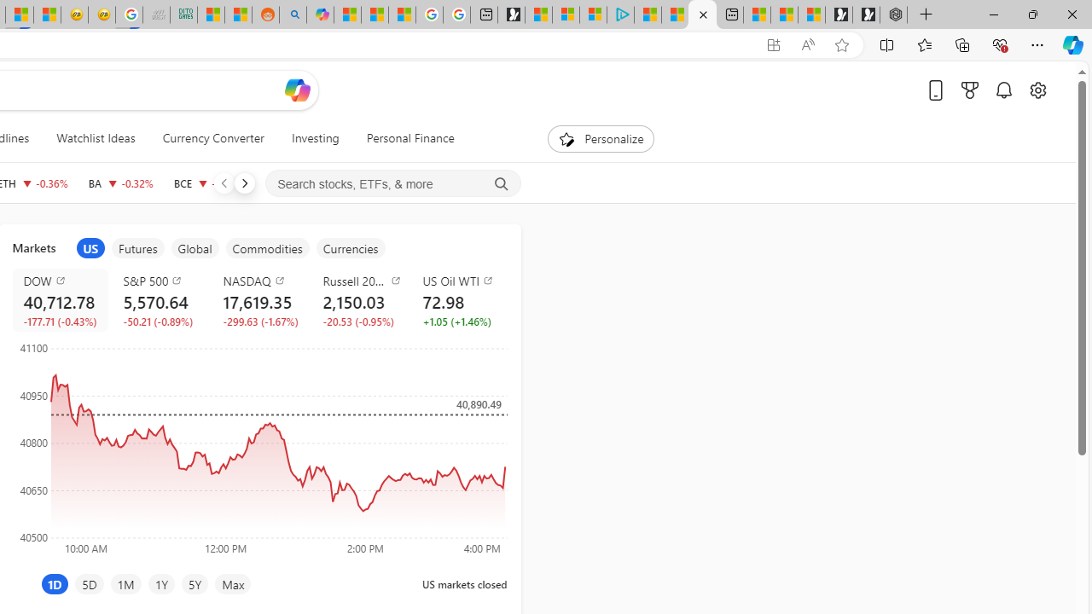 This screenshot has width=1092, height=614. Describe the element at coordinates (243, 182) in the screenshot. I see `'Next'` at that location.